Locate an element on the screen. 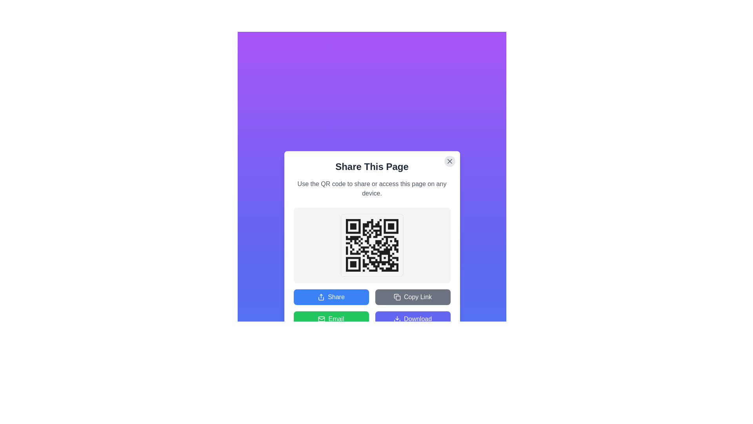 This screenshot has width=753, height=424. the 'X' icon located at the top-right corner of the 'Share This Page' modal is located at coordinates (449, 161).